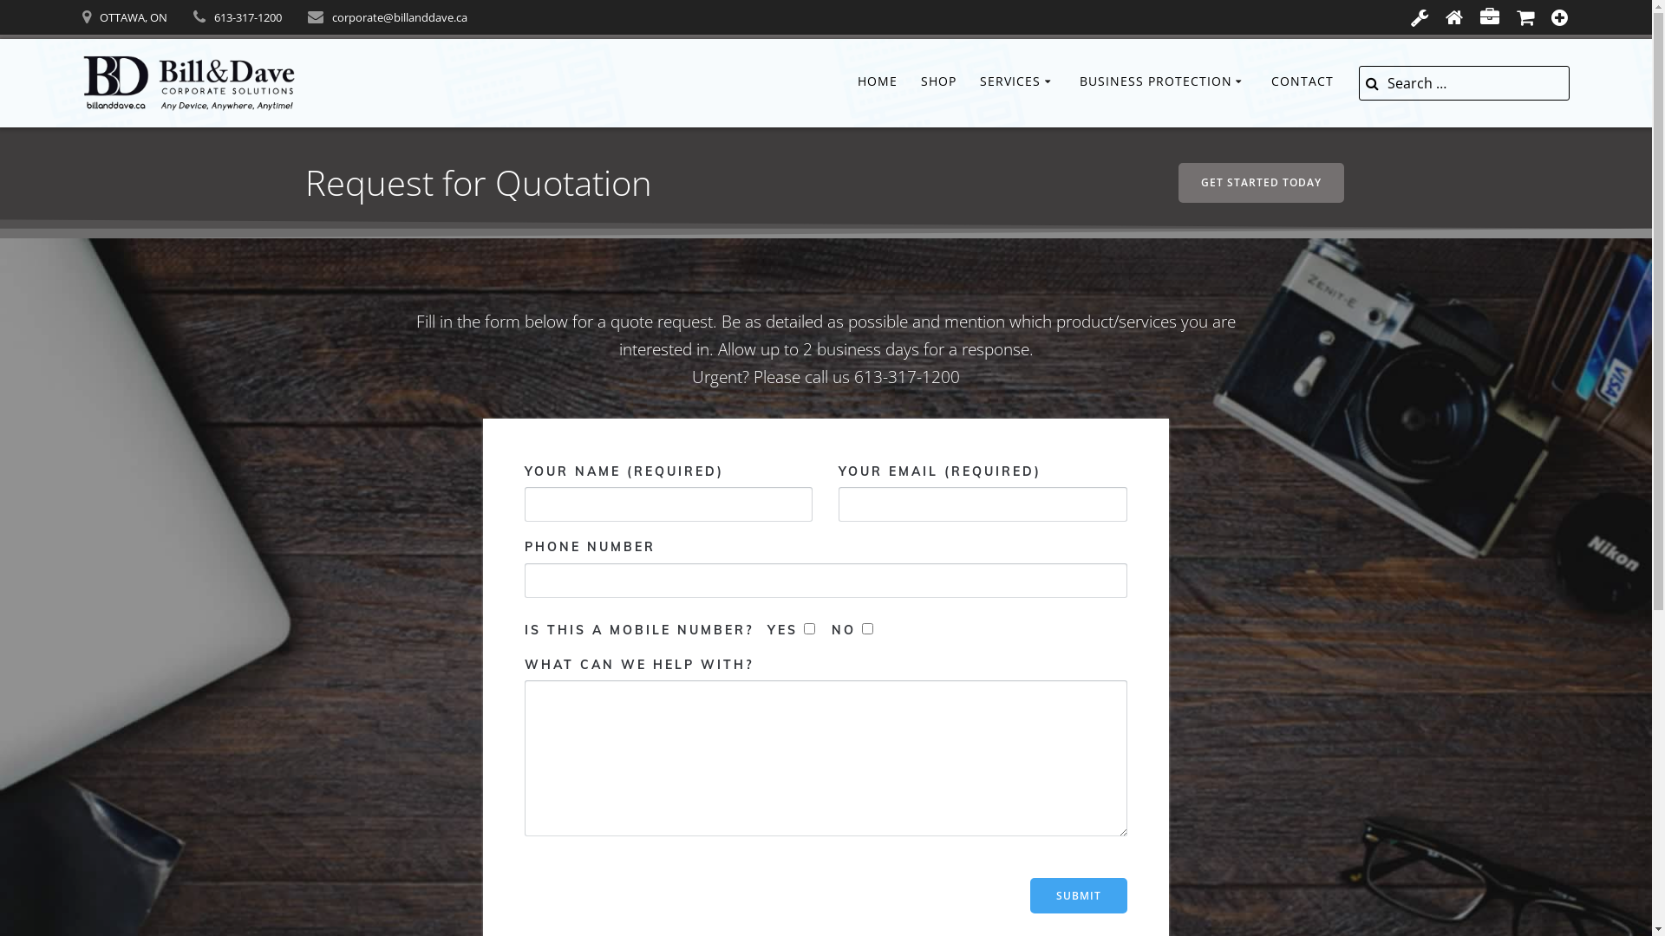  I want to click on 'corporate@billanddave.ca', so click(398, 16).